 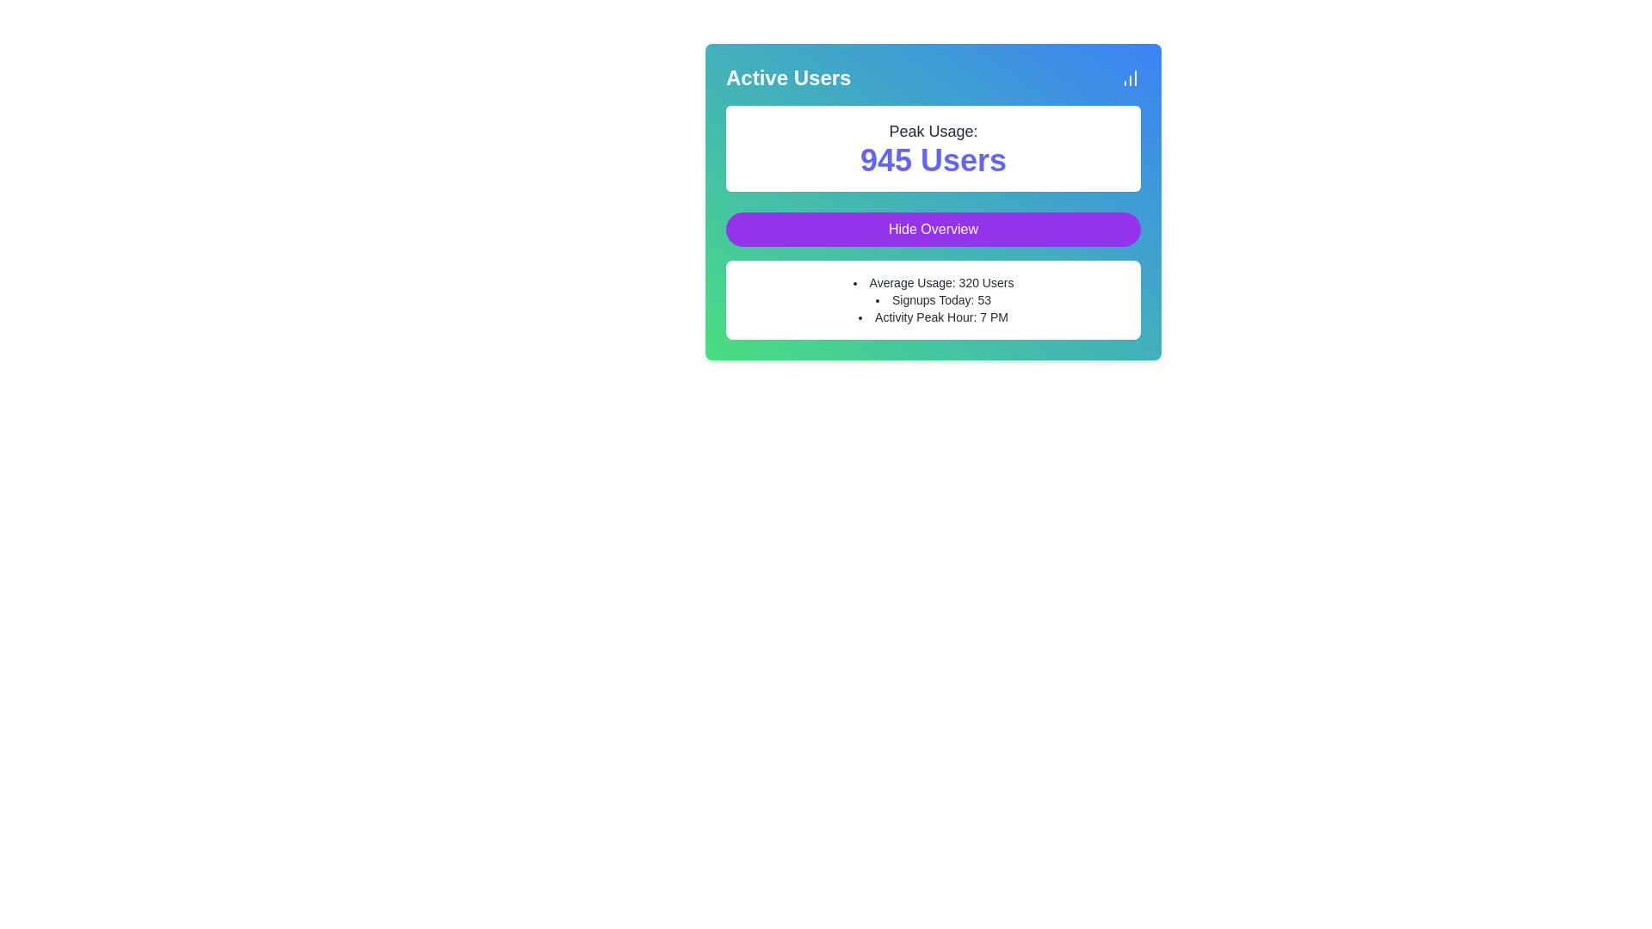 What do you see at coordinates (932, 298) in the screenshot?
I see `the text element displaying the statistic for new signups, located between 'Average Usage: 320 Users' and 'Activity Peak Hour: 7 PM' in the 'Active Users' panel` at bounding box center [932, 298].